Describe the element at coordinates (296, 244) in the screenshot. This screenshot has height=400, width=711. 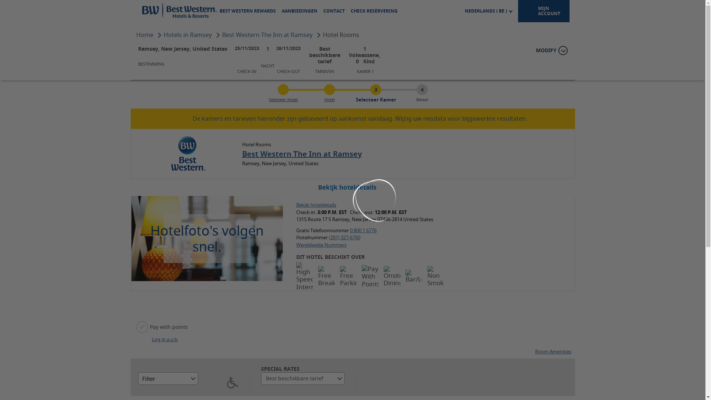
I see `'Wereldwijde Nummers'` at that location.